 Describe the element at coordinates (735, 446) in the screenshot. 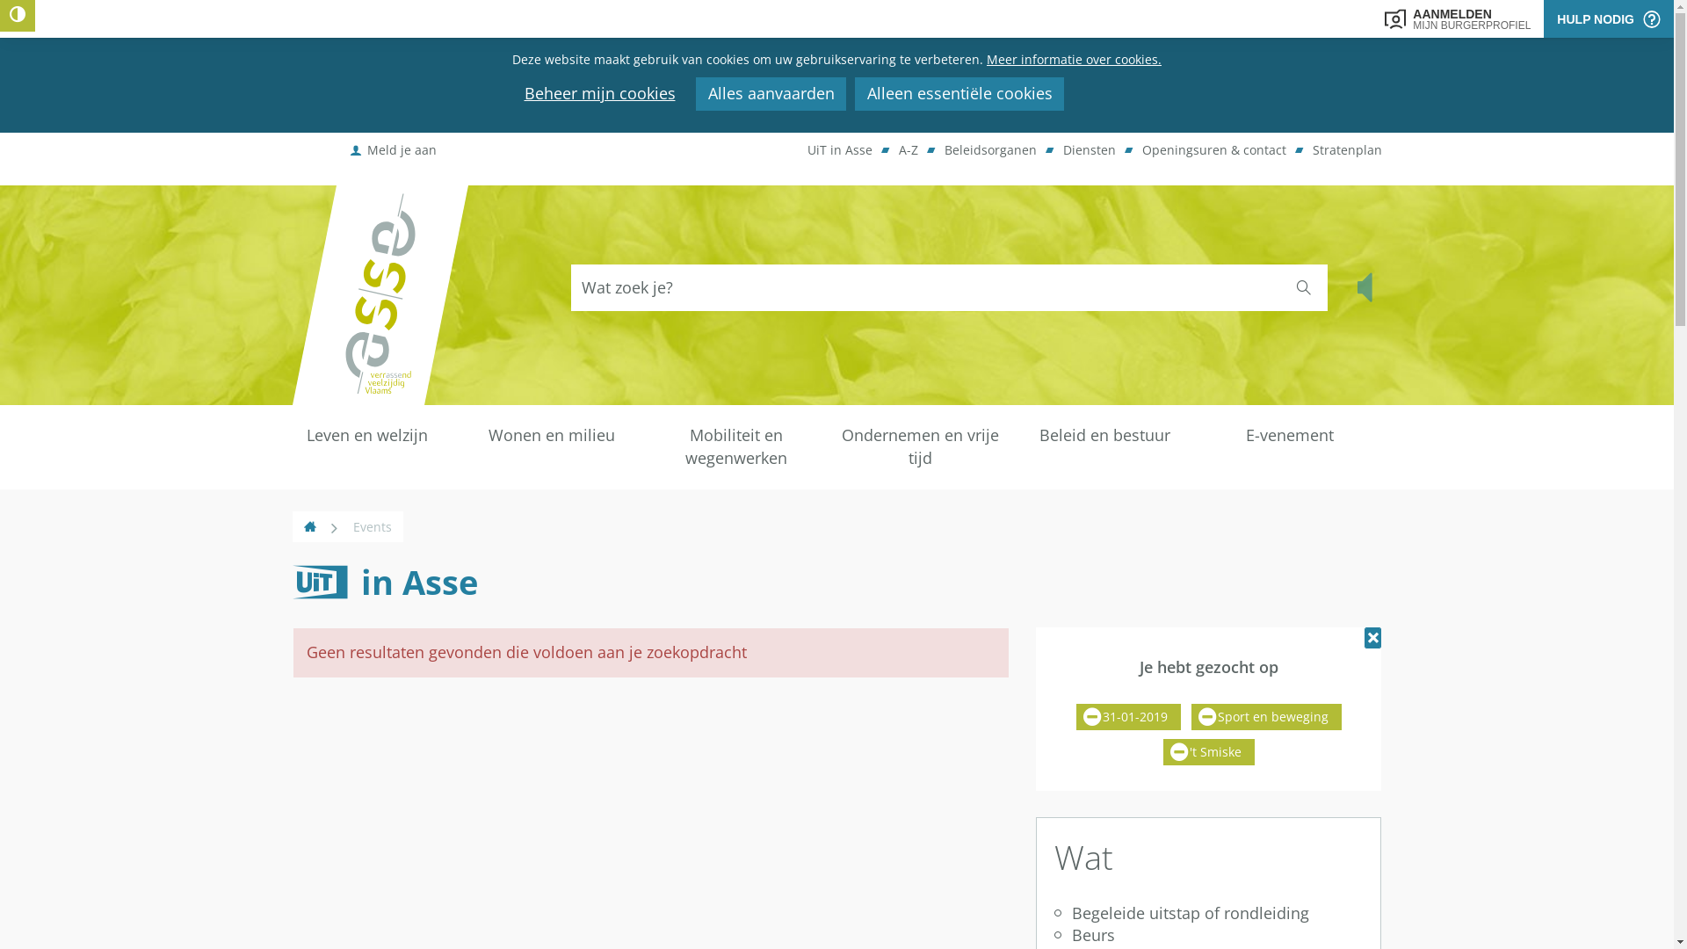

I see `'Mobiliteit en wegenwerken'` at that location.